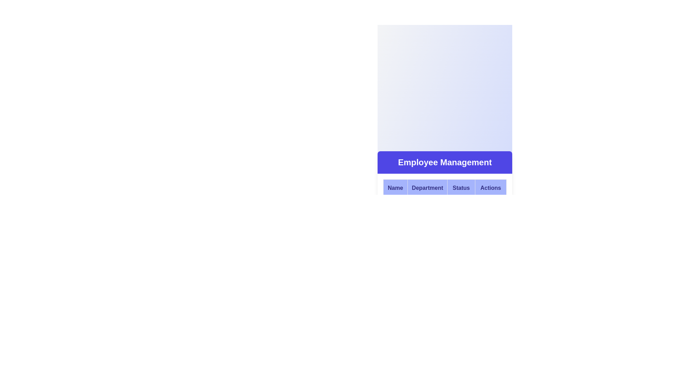  I want to click on the Table Header Cell with the light blue background and bold text stating 'Department', which is the second item in the header row of the table, so click(427, 187).